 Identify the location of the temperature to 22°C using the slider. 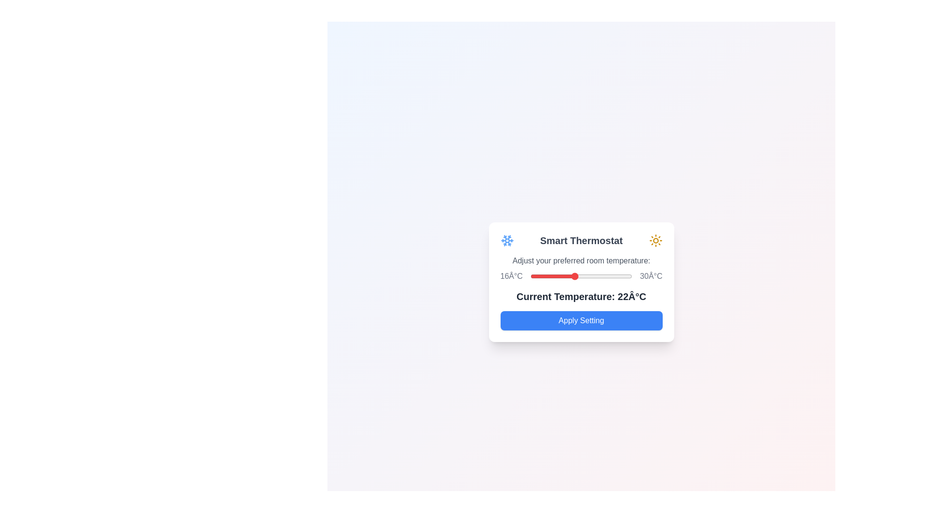
(574, 276).